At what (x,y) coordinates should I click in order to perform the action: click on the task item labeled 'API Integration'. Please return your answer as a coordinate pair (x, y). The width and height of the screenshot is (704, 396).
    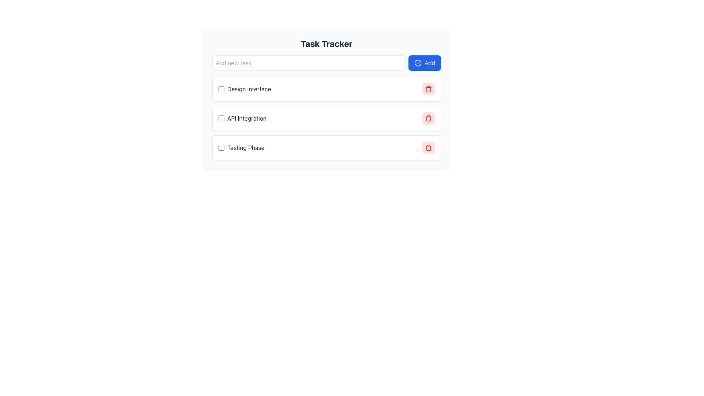
    Looking at the image, I should click on (326, 118).